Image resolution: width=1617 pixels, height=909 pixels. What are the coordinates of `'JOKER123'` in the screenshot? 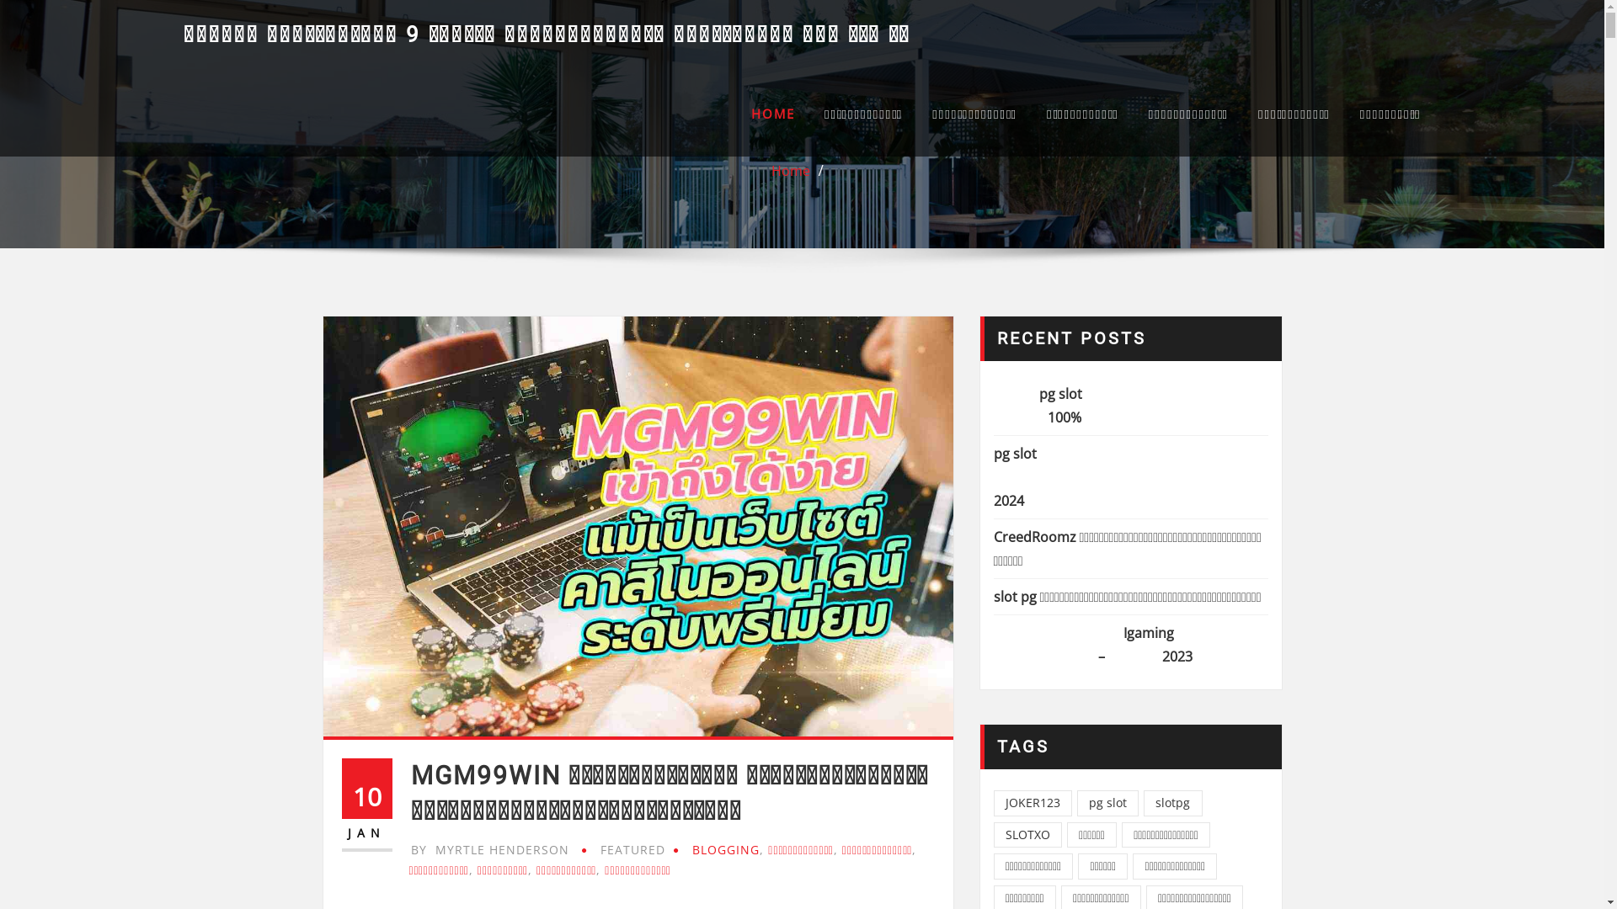 It's located at (1032, 802).